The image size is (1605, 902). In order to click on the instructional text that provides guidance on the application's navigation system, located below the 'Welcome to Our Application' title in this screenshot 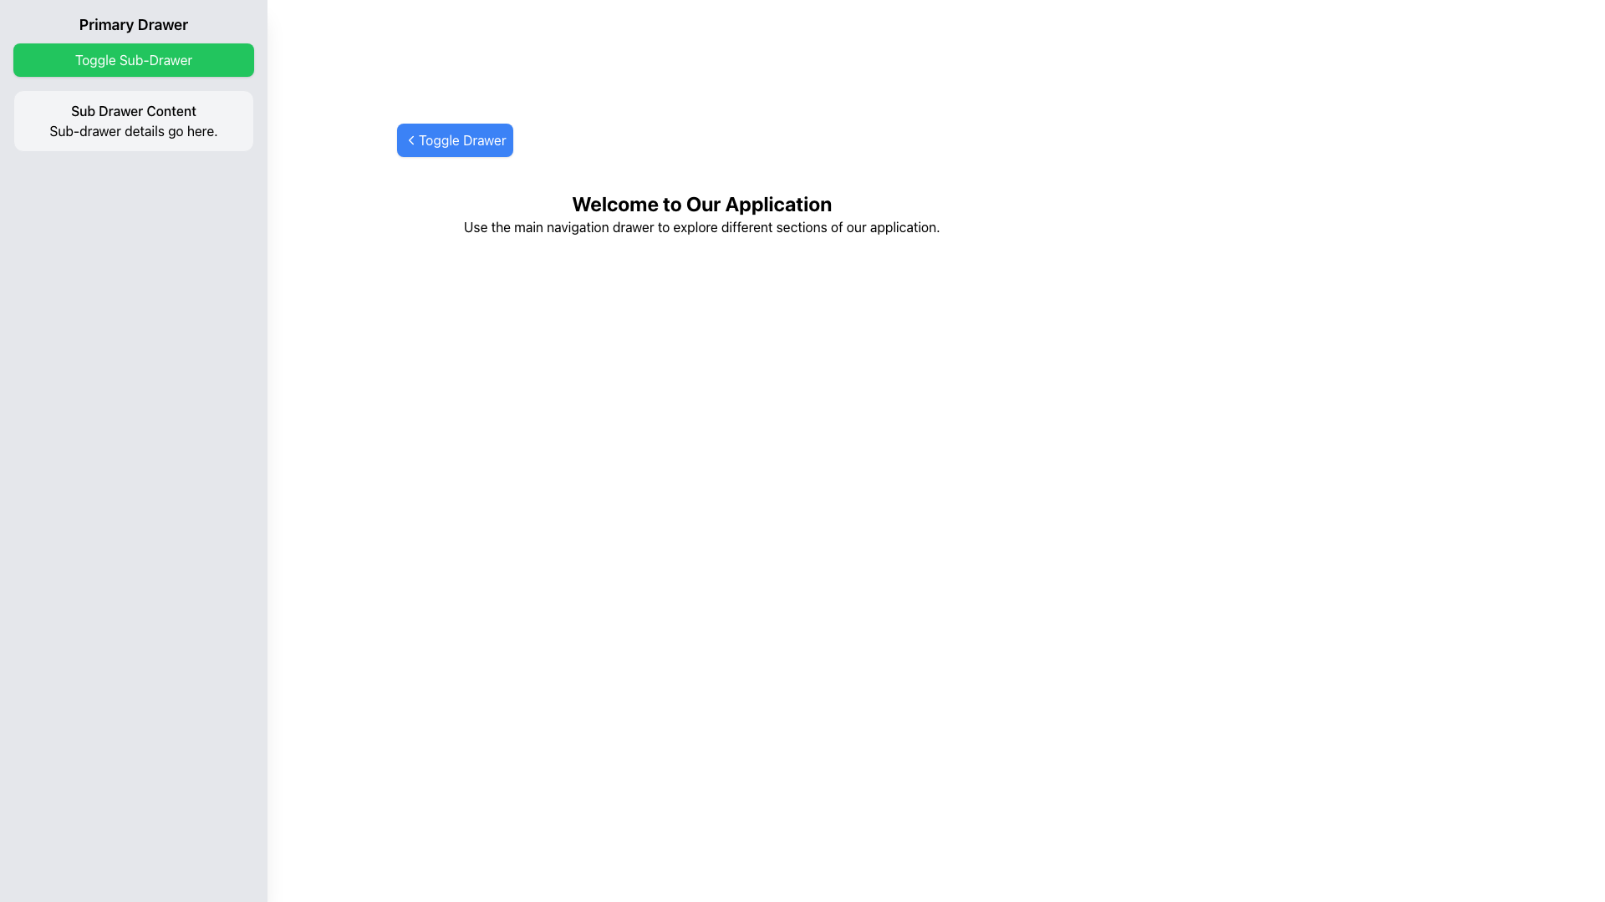, I will do `click(701, 227)`.